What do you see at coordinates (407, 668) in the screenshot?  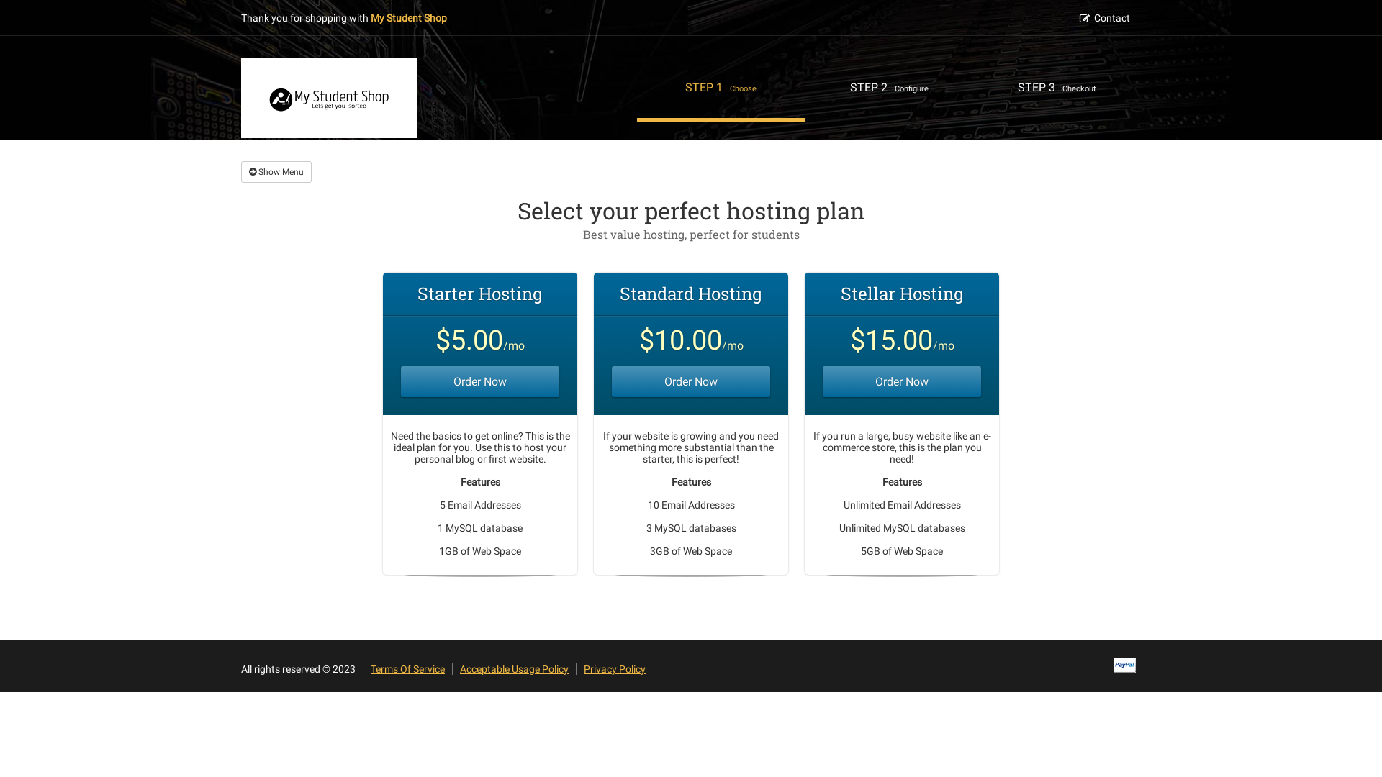 I see `'Terms Of Service'` at bounding box center [407, 668].